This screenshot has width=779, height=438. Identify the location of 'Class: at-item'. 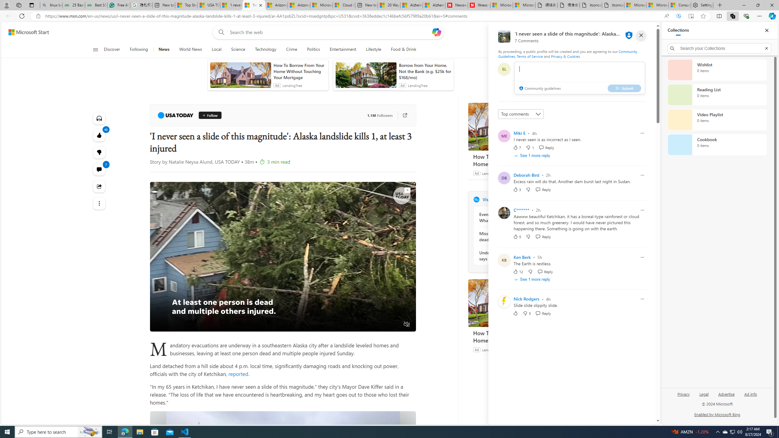
(99, 203).